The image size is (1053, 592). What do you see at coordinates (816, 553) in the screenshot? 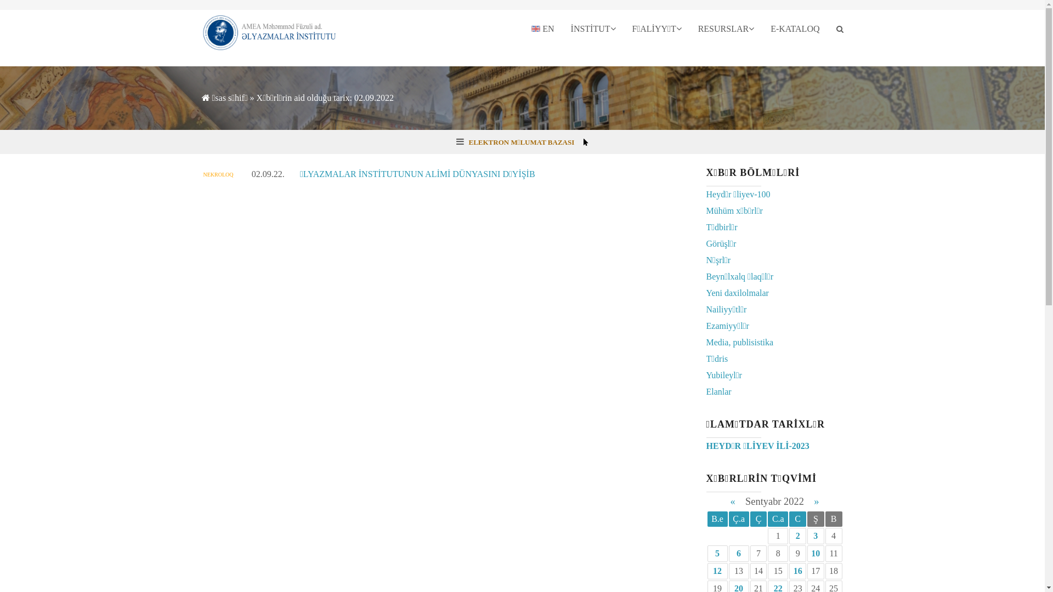
I see `'10'` at bounding box center [816, 553].